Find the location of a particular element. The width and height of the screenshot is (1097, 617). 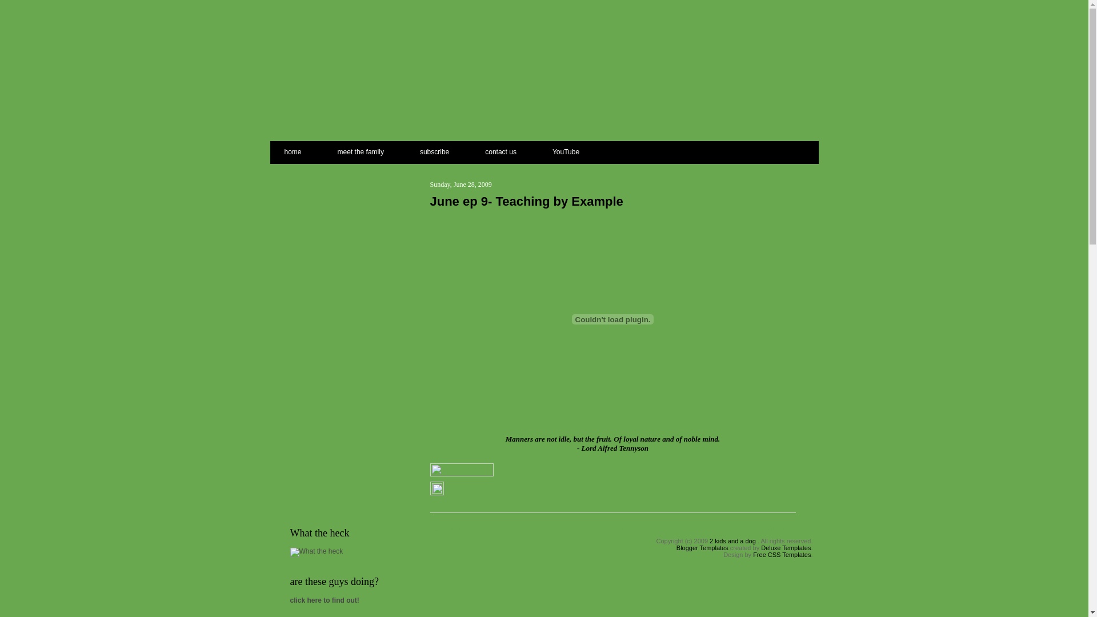

'Deluxe Templates' is located at coordinates (785, 547).